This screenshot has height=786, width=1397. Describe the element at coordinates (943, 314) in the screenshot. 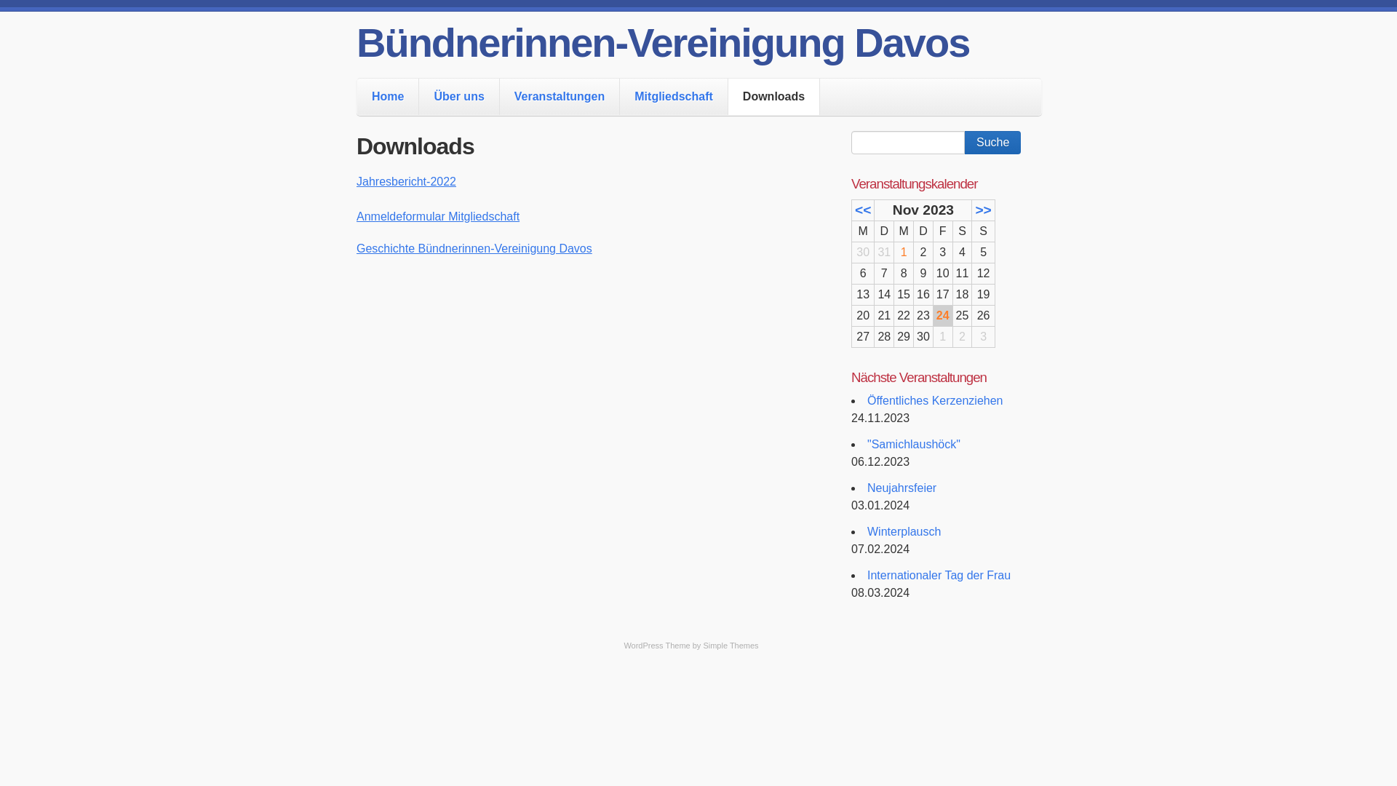

I see `'24'` at that location.